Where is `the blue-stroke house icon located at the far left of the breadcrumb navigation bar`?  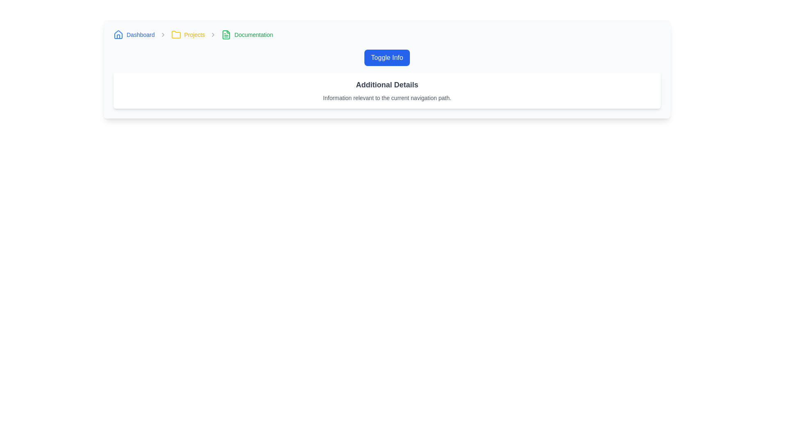
the blue-stroke house icon located at the far left of the breadcrumb navigation bar is located at coordinates (118, 34).